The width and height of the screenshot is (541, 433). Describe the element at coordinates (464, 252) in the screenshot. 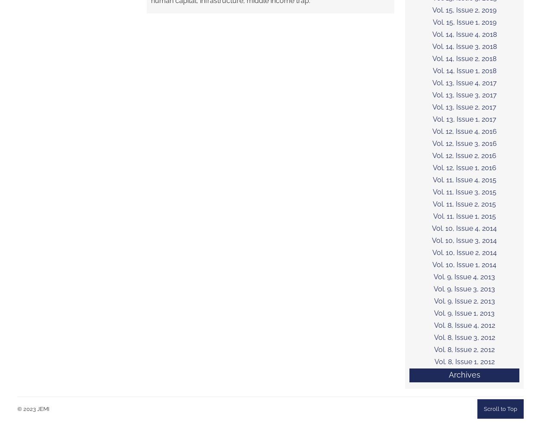

I see `'Vol. 10, Issue 2, 2014'` at that location.